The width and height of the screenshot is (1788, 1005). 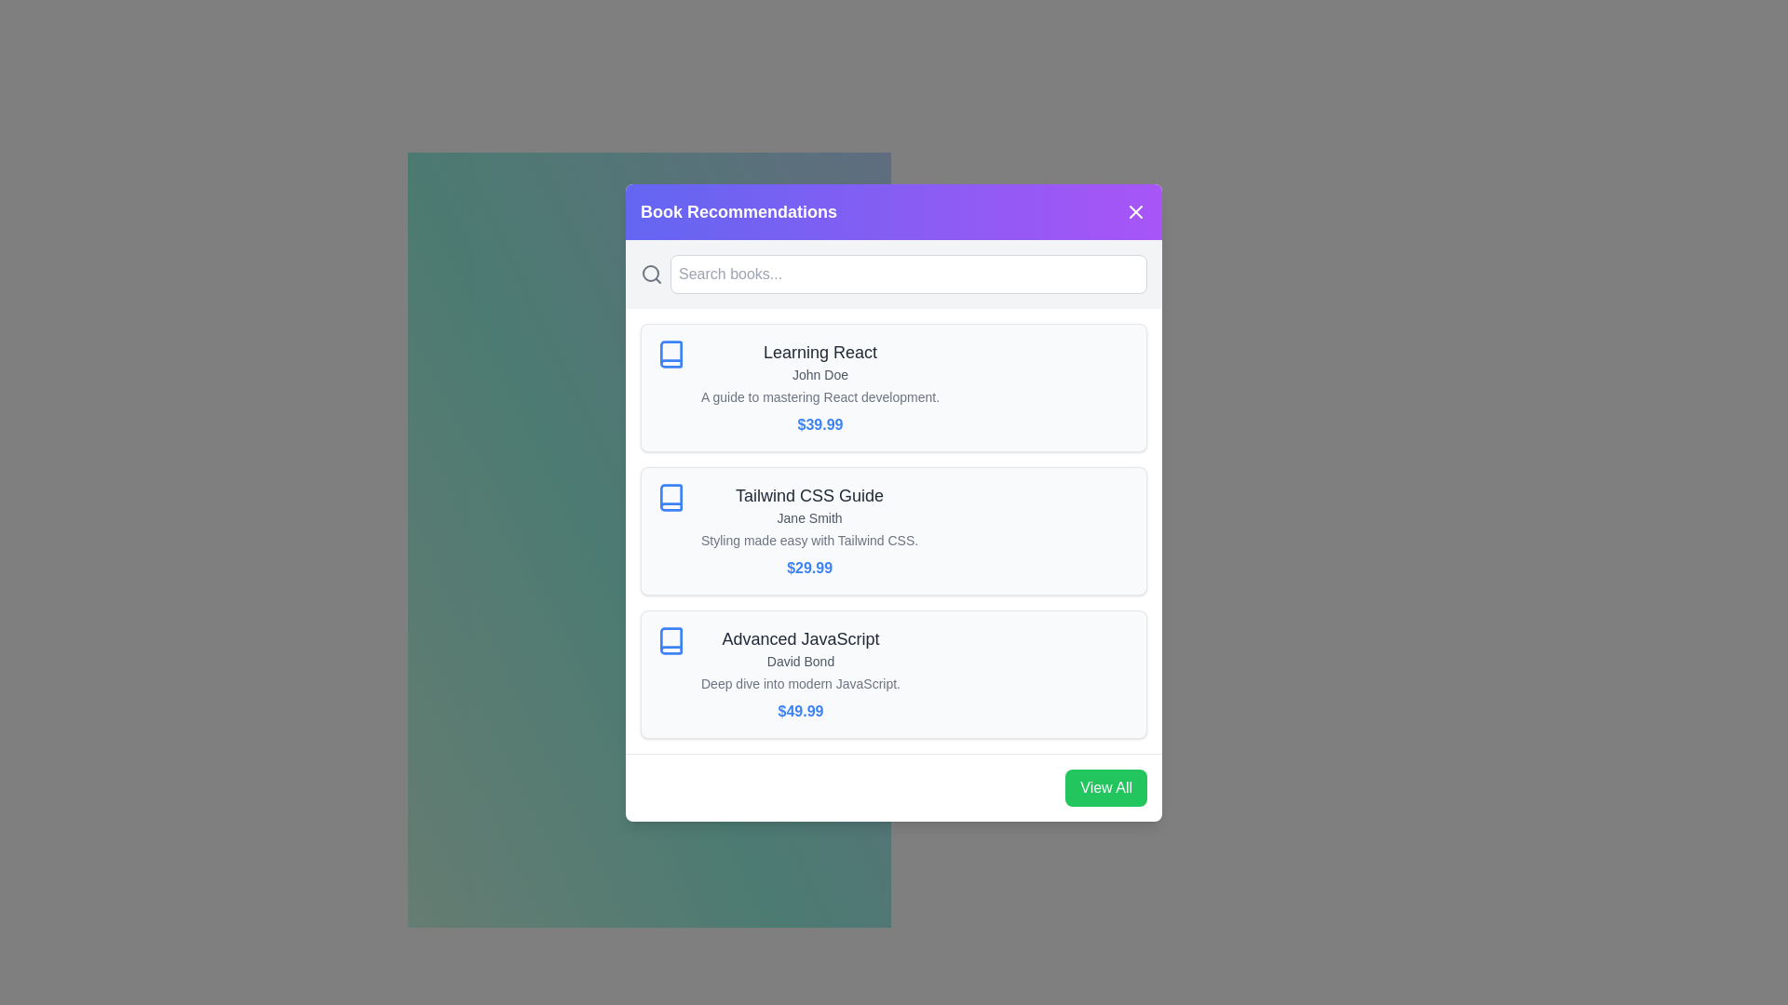 I want to click on the book icon located to the left of the 'Advanced JavaScript' text in the vertical book list, which is the third item, so click(x=670, y=639).